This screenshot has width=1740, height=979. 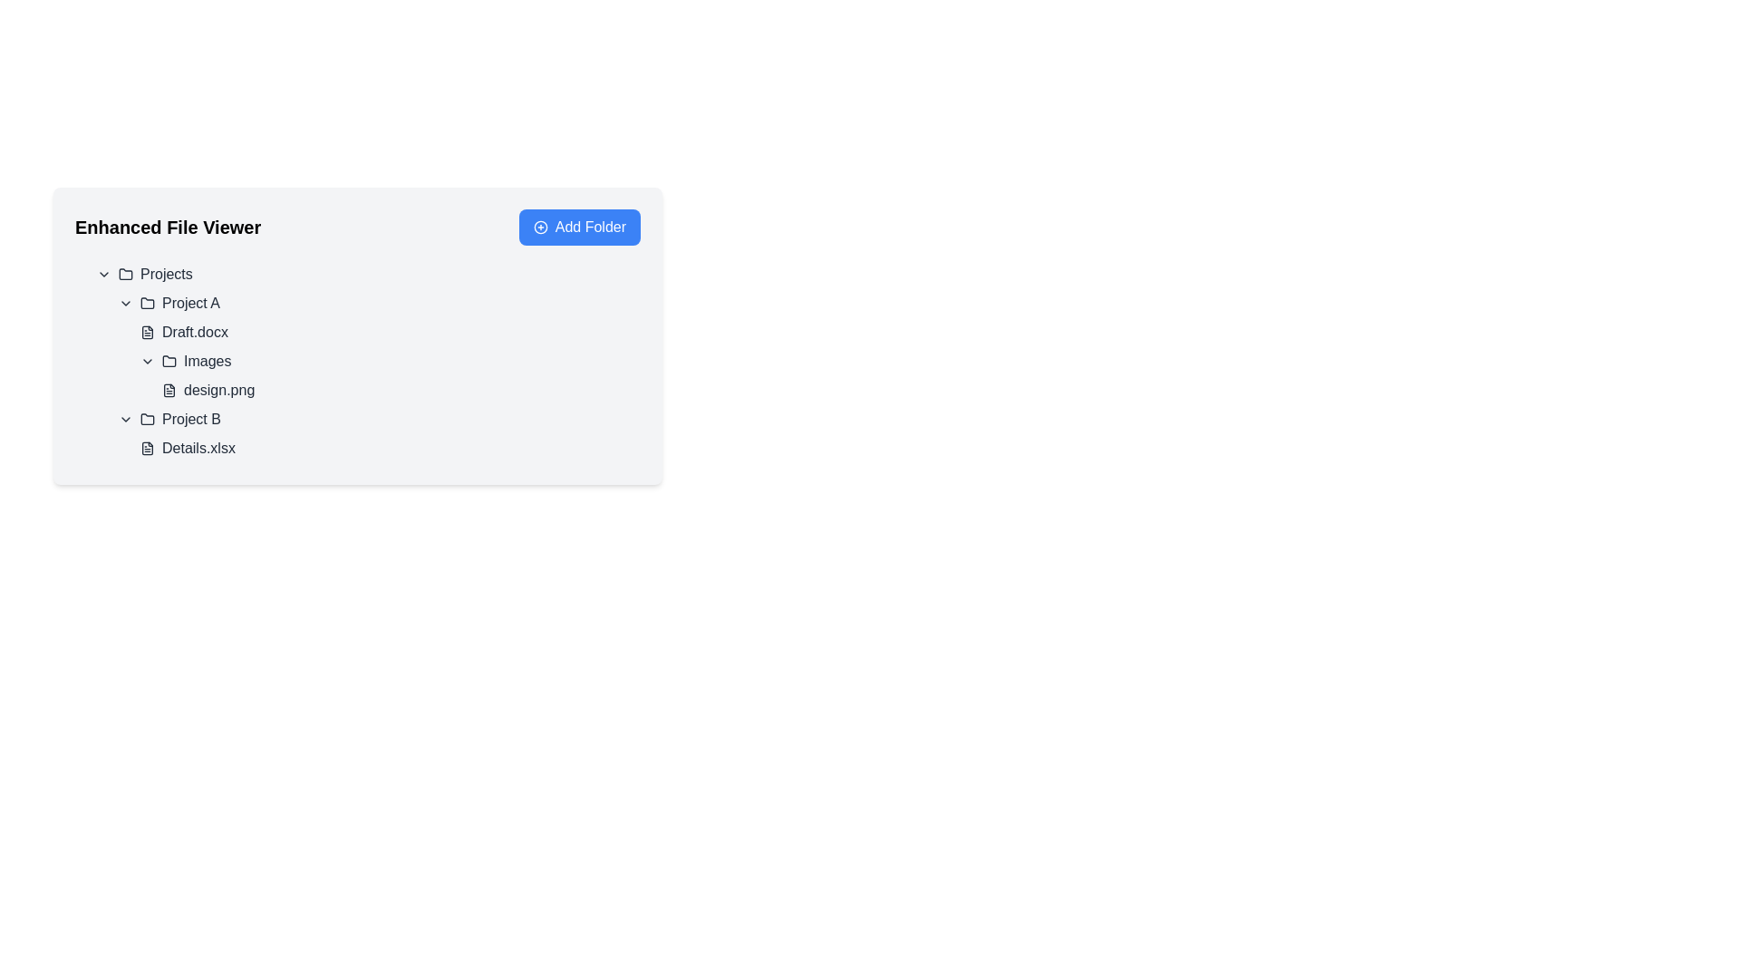 What do you see at coordinates (378, 303) in the screenshot?
I see `the 'Project A' folder entry in the left-side menu of the file viewer interface` at bounding box center [378, 303].